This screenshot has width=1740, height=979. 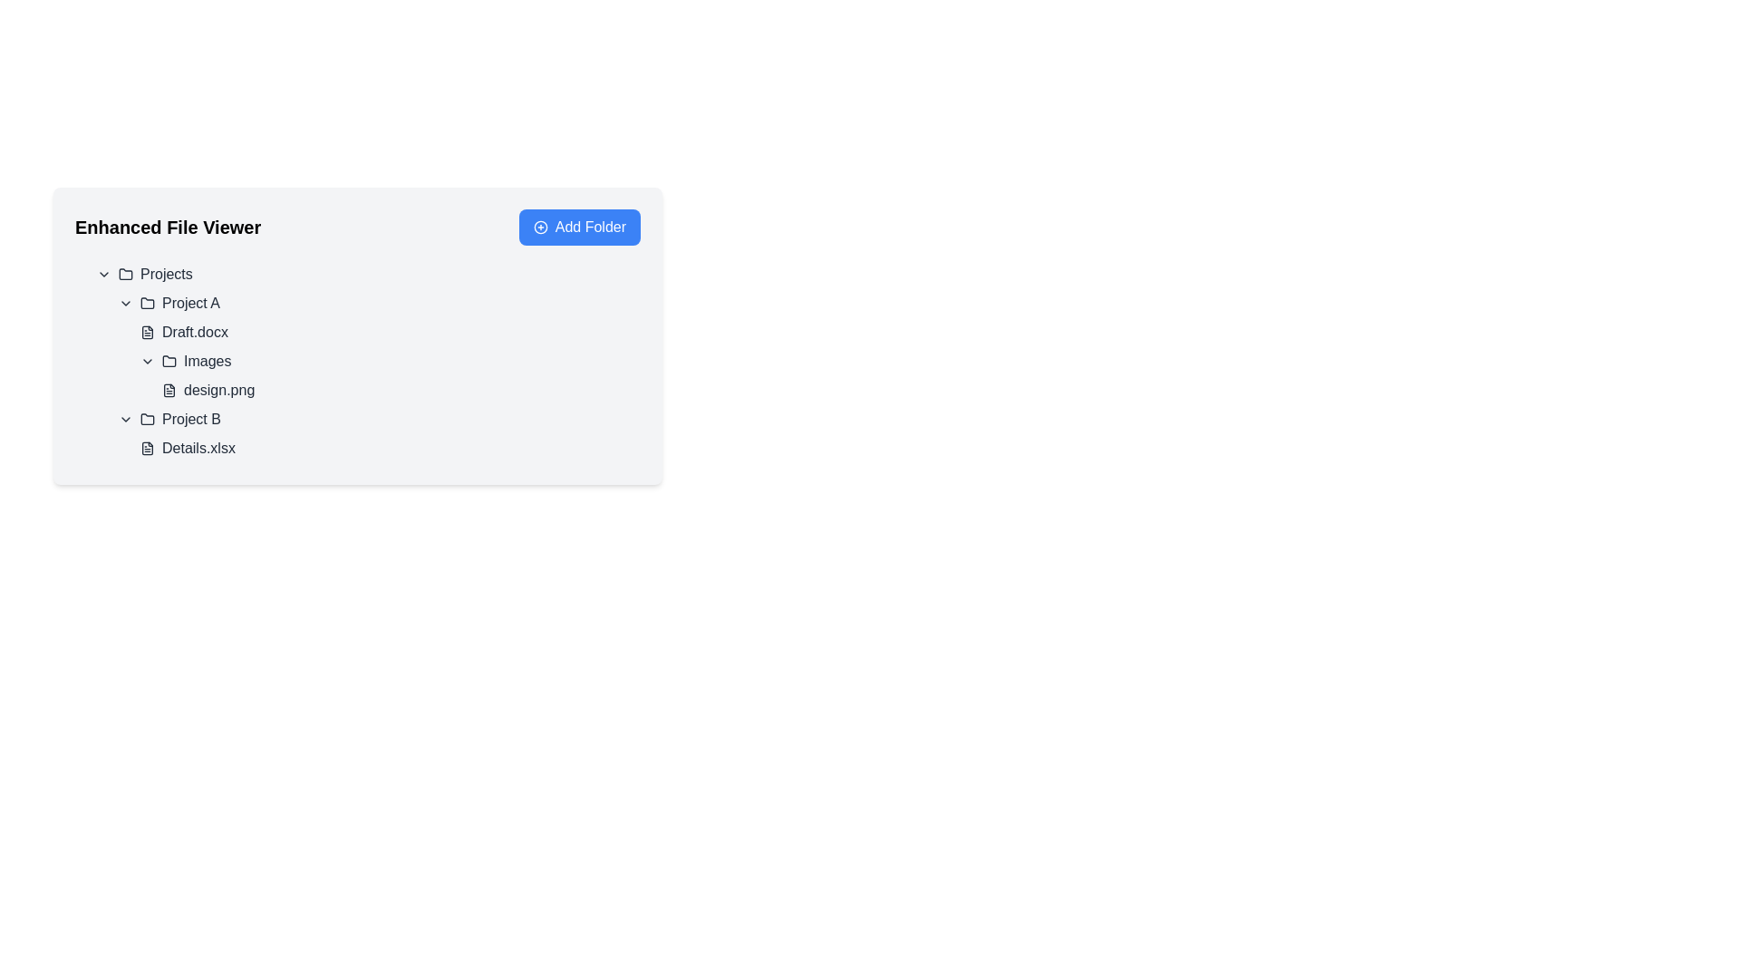 What do you see at coordinates (378, 303) in the screenshot?
I see `the 'Project A' folder entry in the left-side menu of the file viewer interface` at bounding box center [378, 303].